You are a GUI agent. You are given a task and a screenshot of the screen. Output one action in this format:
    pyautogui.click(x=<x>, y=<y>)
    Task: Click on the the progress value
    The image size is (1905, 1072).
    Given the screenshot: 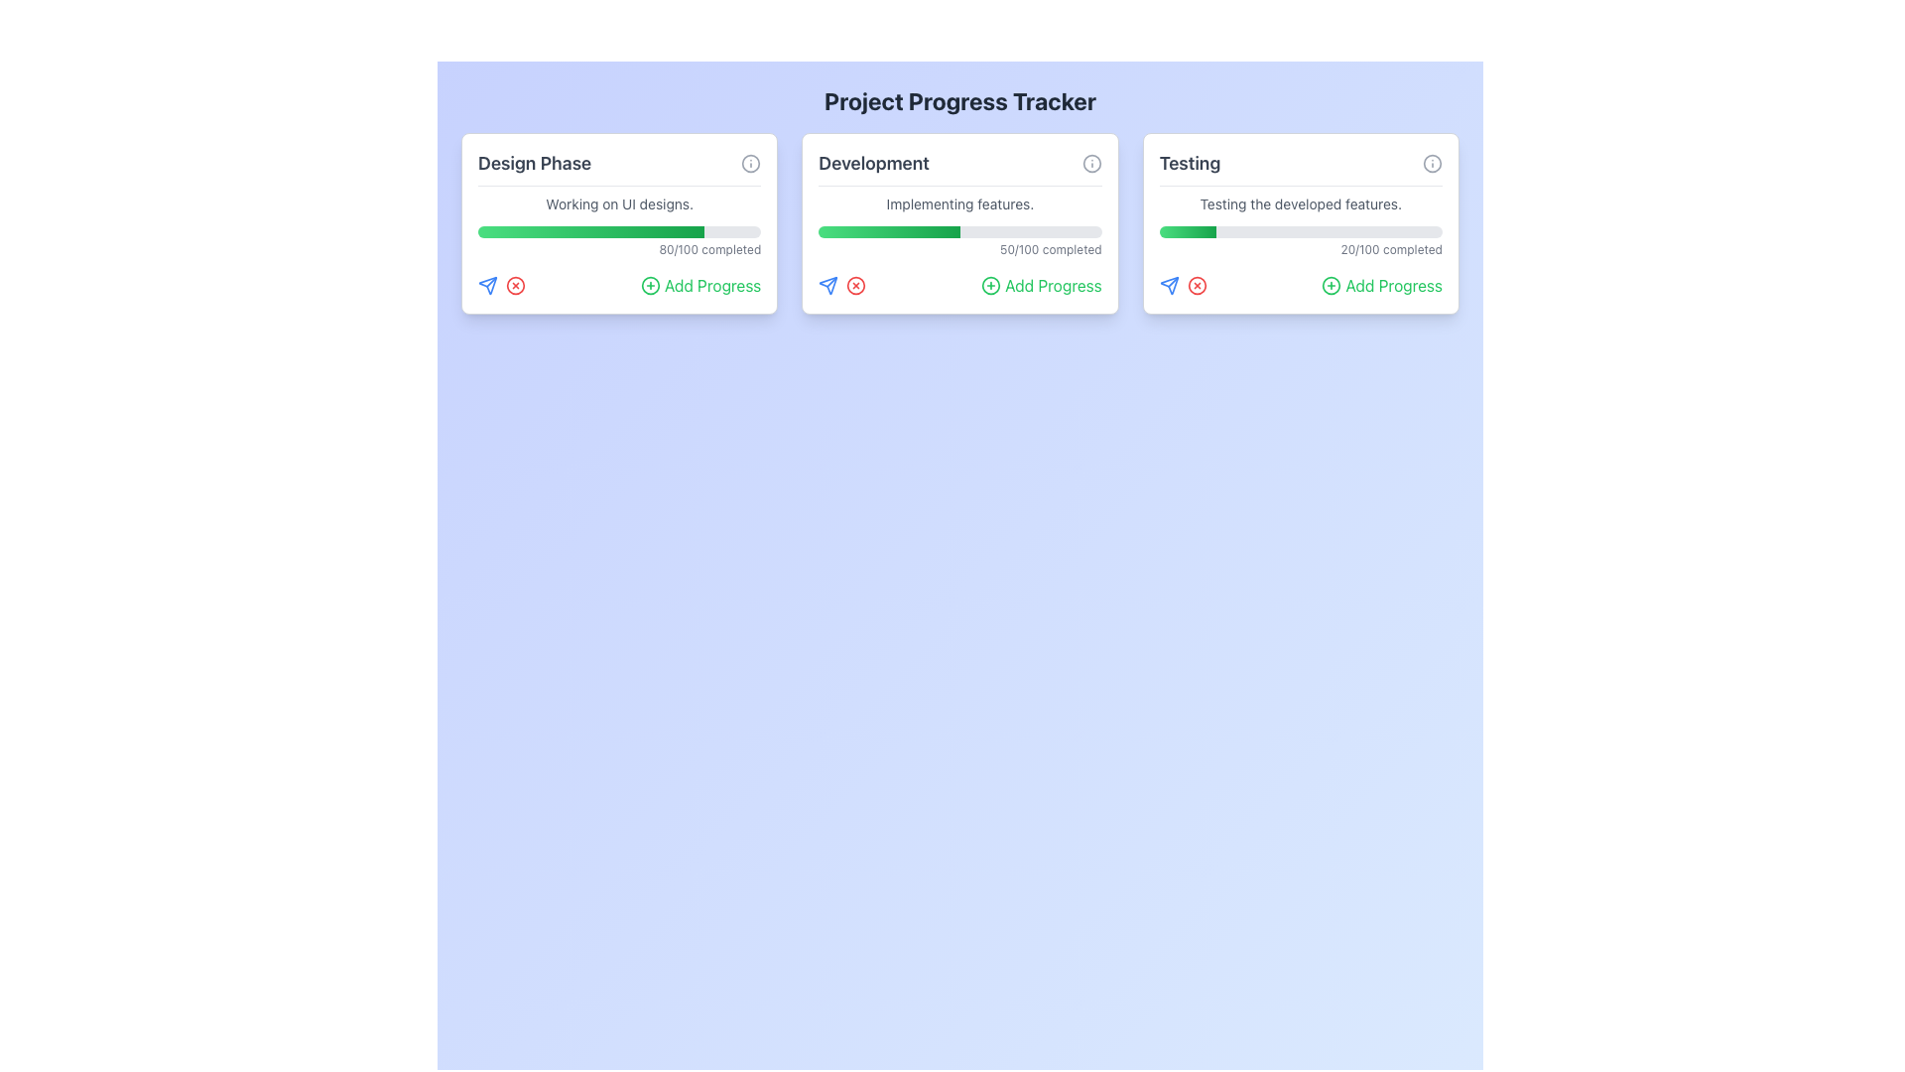 What is the action you would take?
    pyautogui.click(x=1204, y=231)
    